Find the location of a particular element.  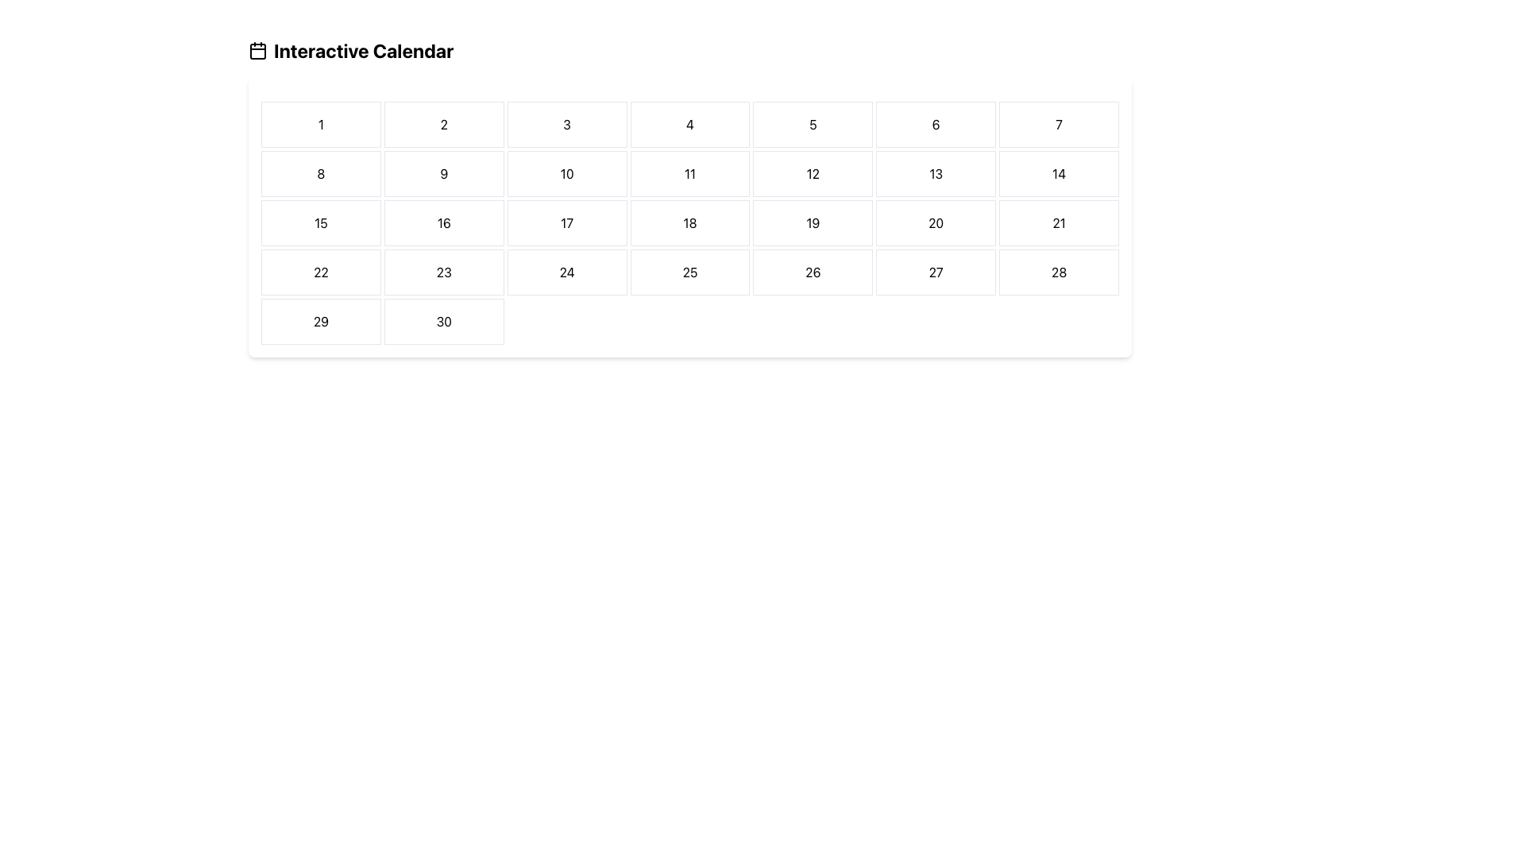

the second day cell in the calendar layout is located at coordinates (444, 124).